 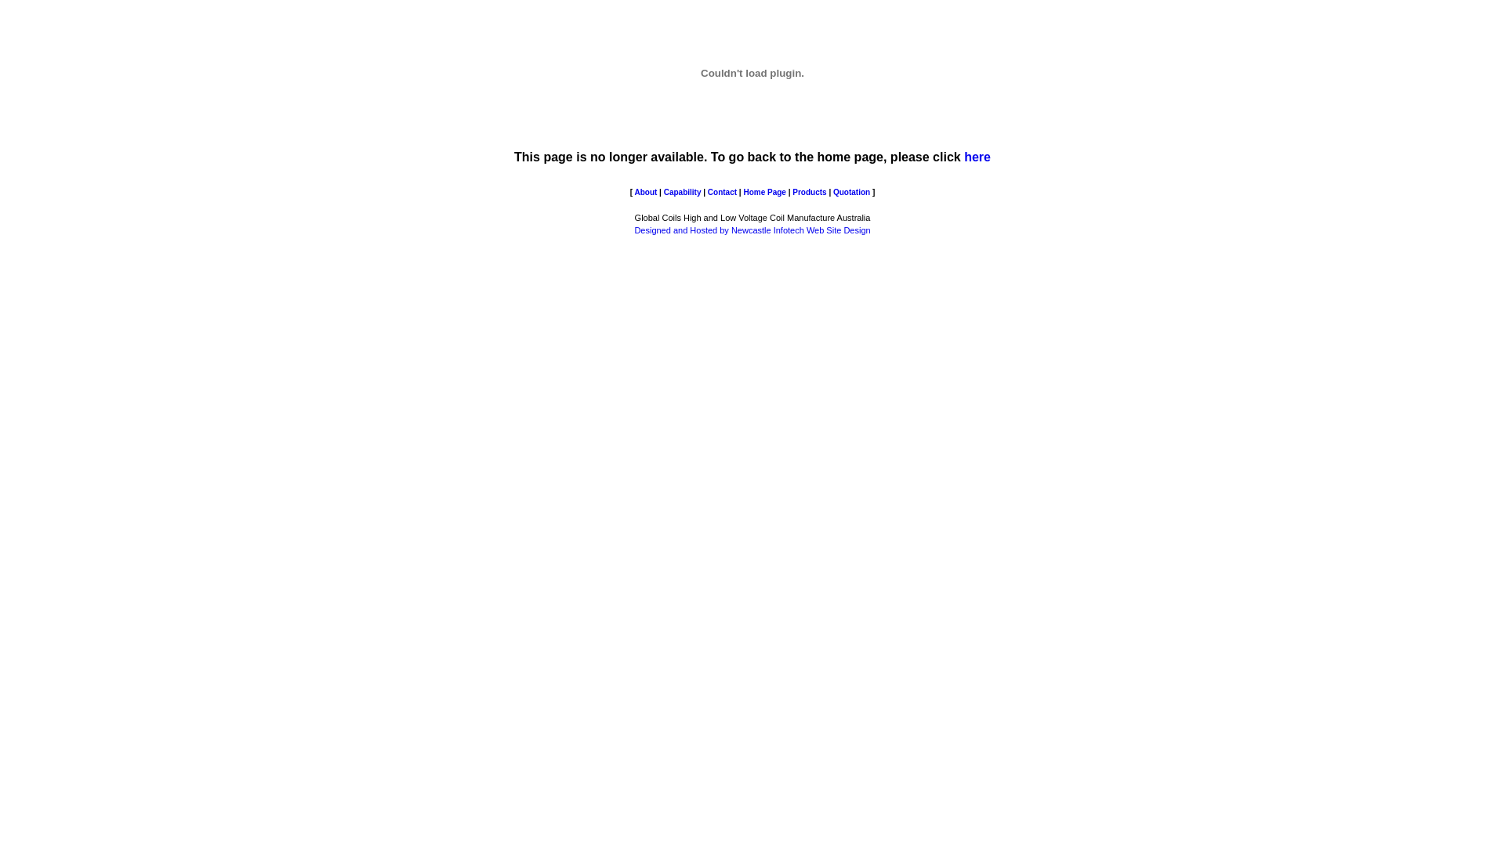 What do you see at coordinates (634, 230) in the screenshot?
I see `'Designed and Hosted by Newcastle Infotech Web Site Design'` at bounding box center [634, 230].